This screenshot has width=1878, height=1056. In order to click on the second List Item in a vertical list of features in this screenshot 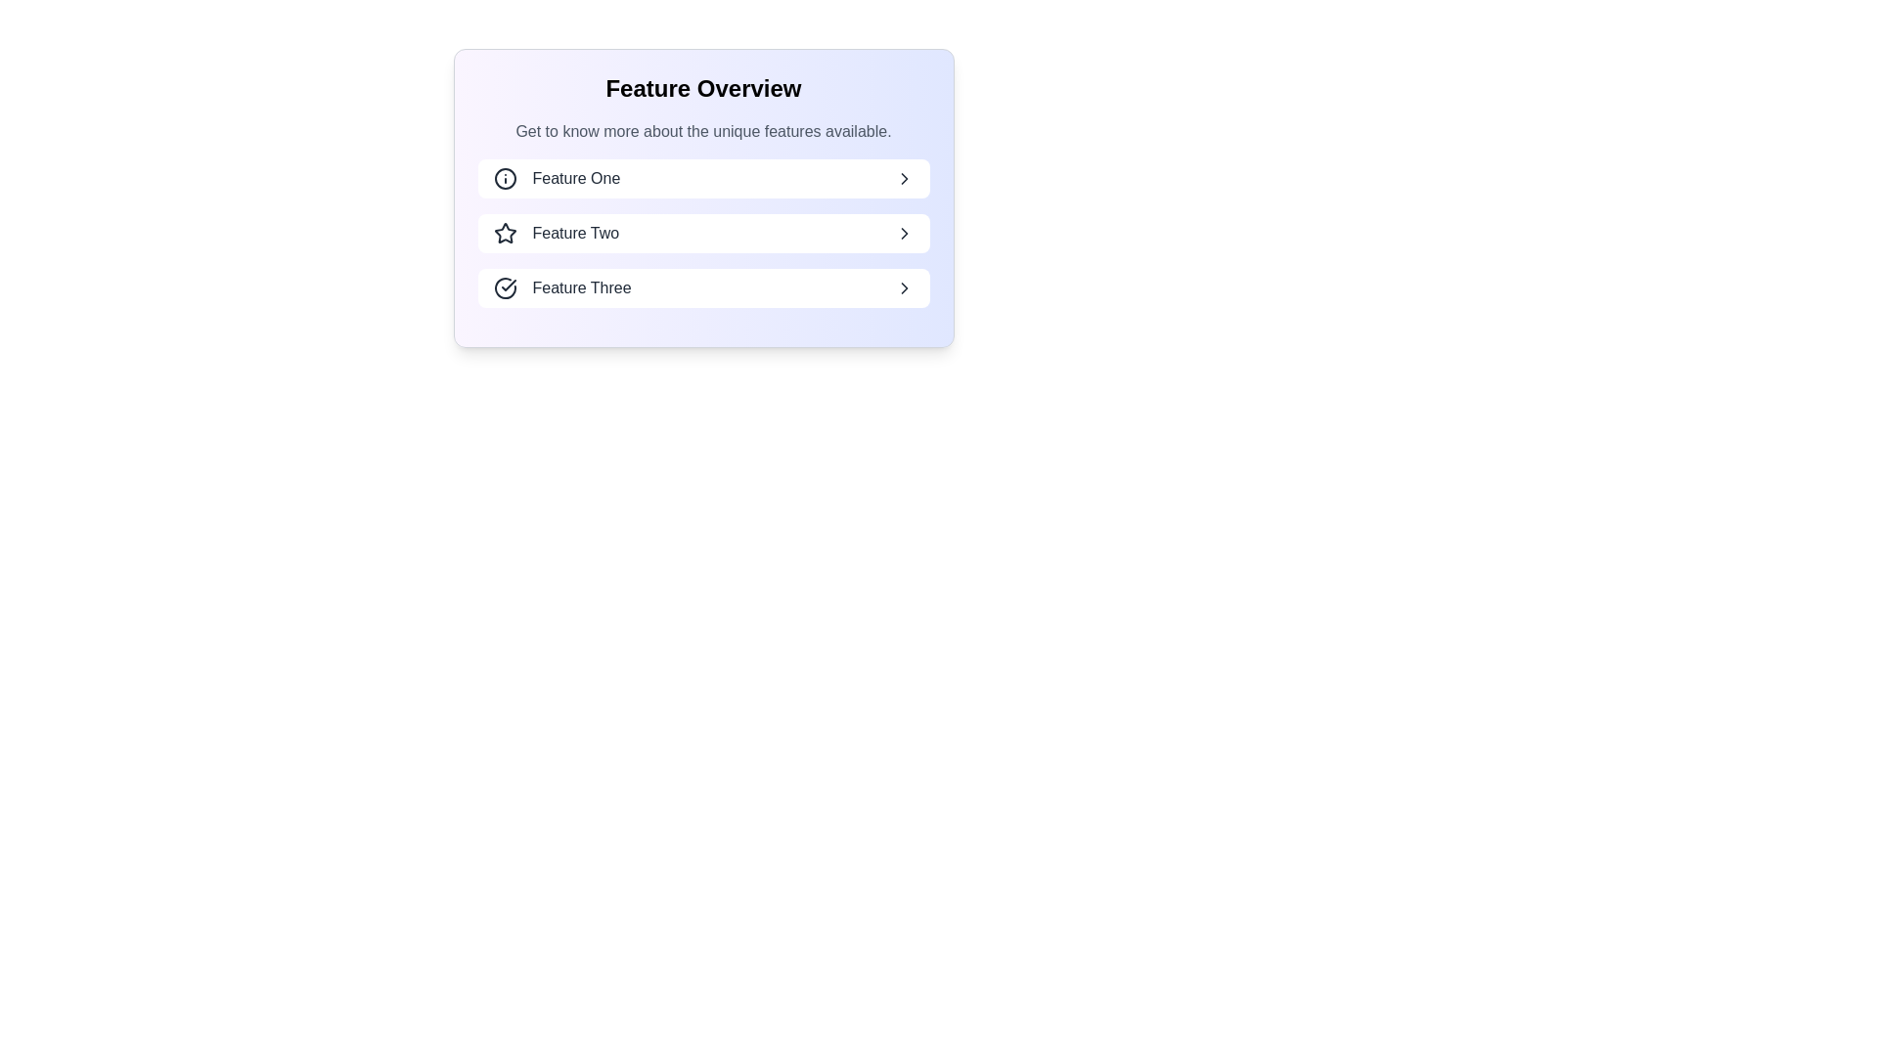, I will do `click(703, 233)`.